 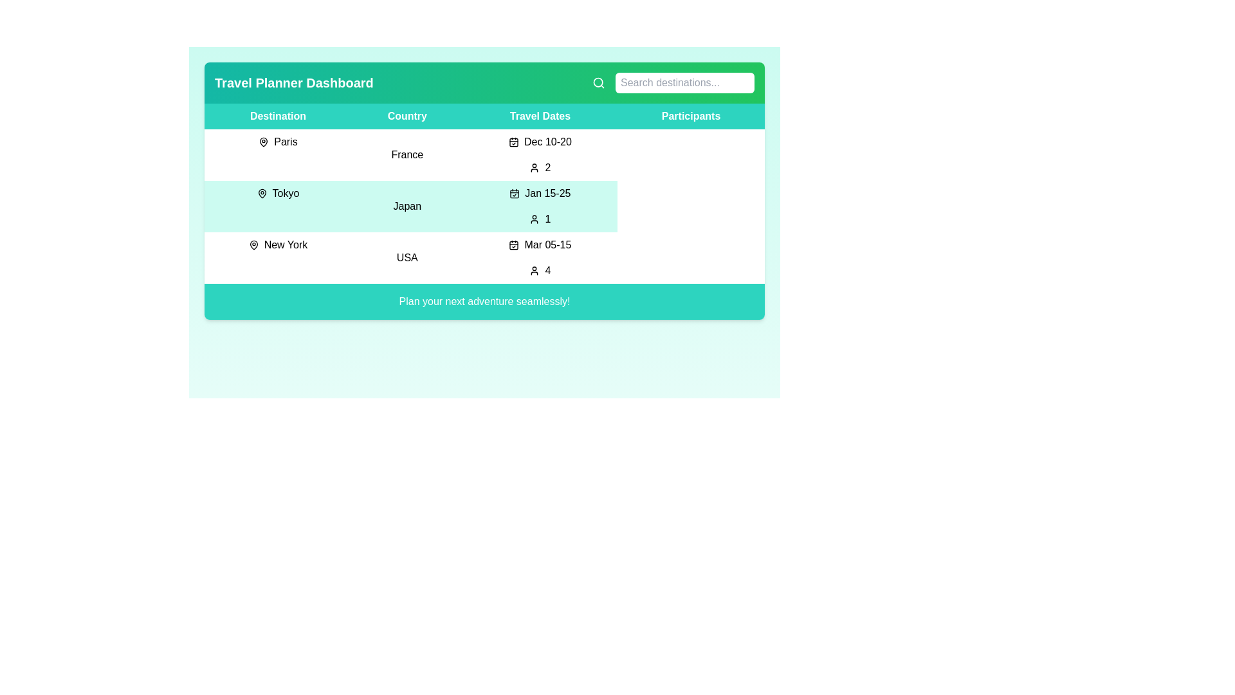 I want to click on icon representing participants in the first row of the 'Participants' column in the 'Travel Planner Dashboard' for additional details, so click(x=535, y=167).